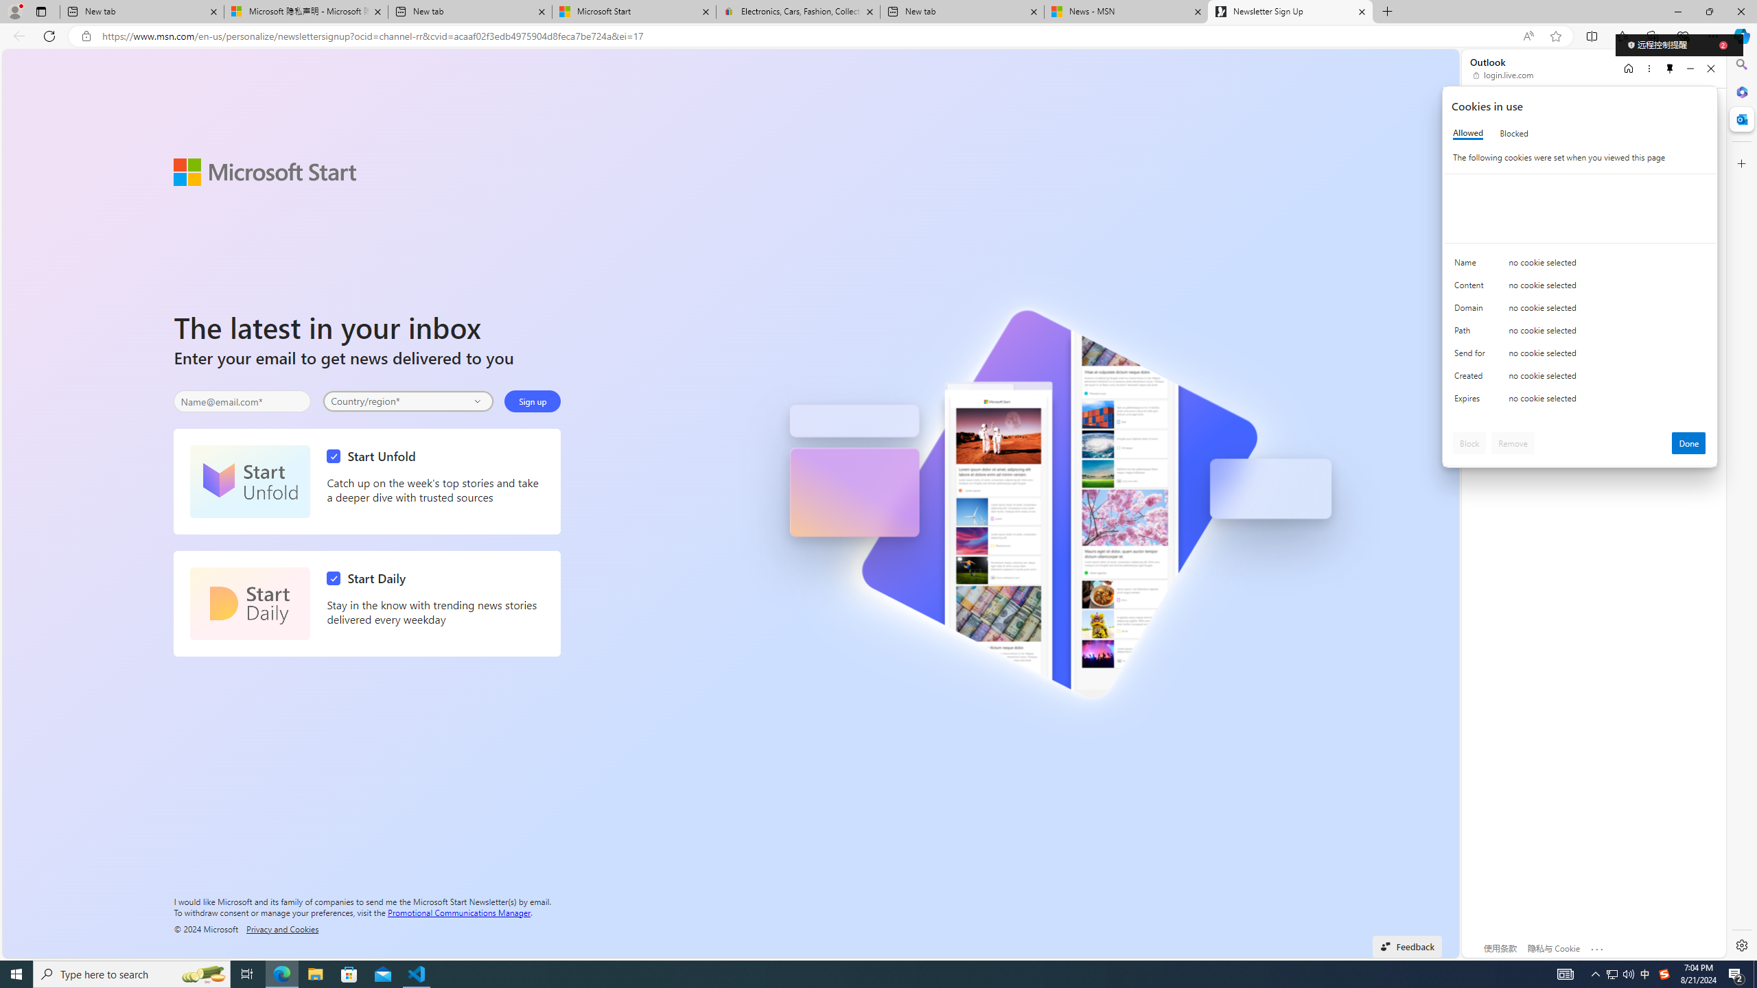  What do you see at coordinates (1469, 443) in the screenshot?
I see `'Block'` at bounding box center [1469, 443].